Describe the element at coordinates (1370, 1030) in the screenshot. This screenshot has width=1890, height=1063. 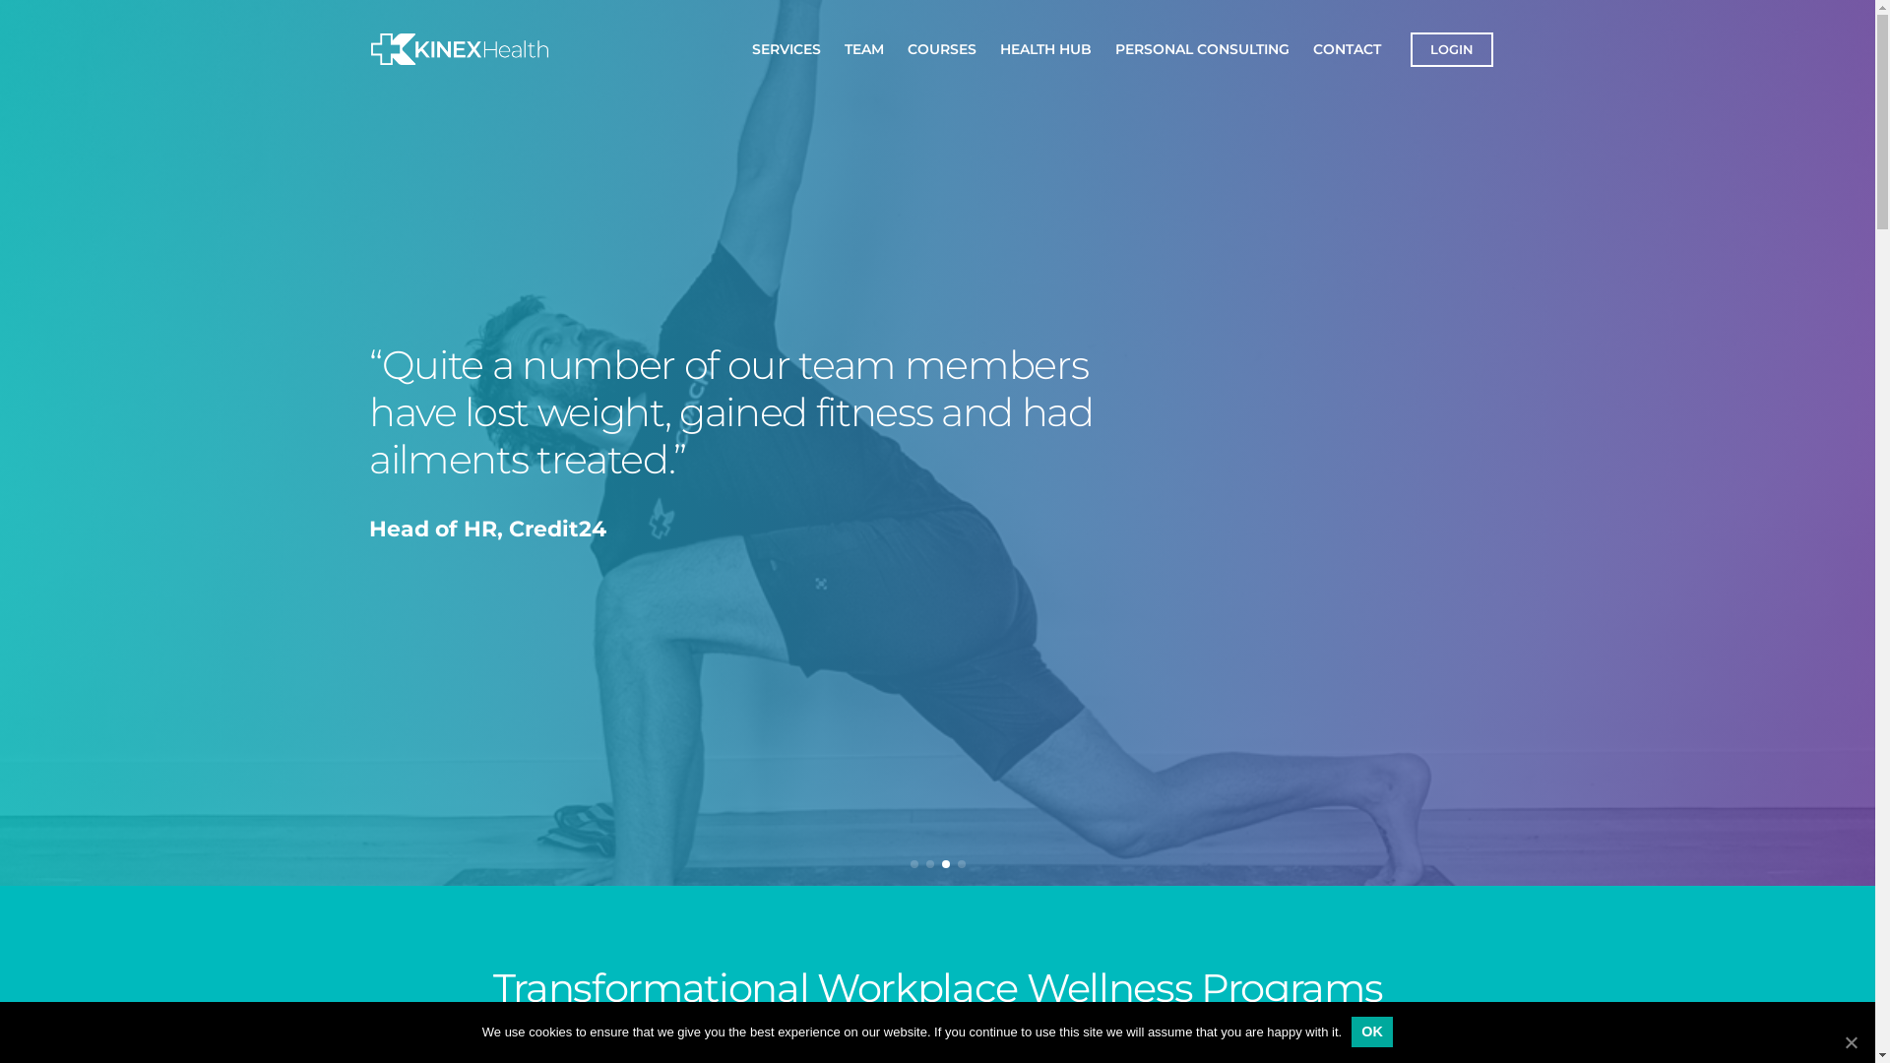
I see `'OK'` at that location.